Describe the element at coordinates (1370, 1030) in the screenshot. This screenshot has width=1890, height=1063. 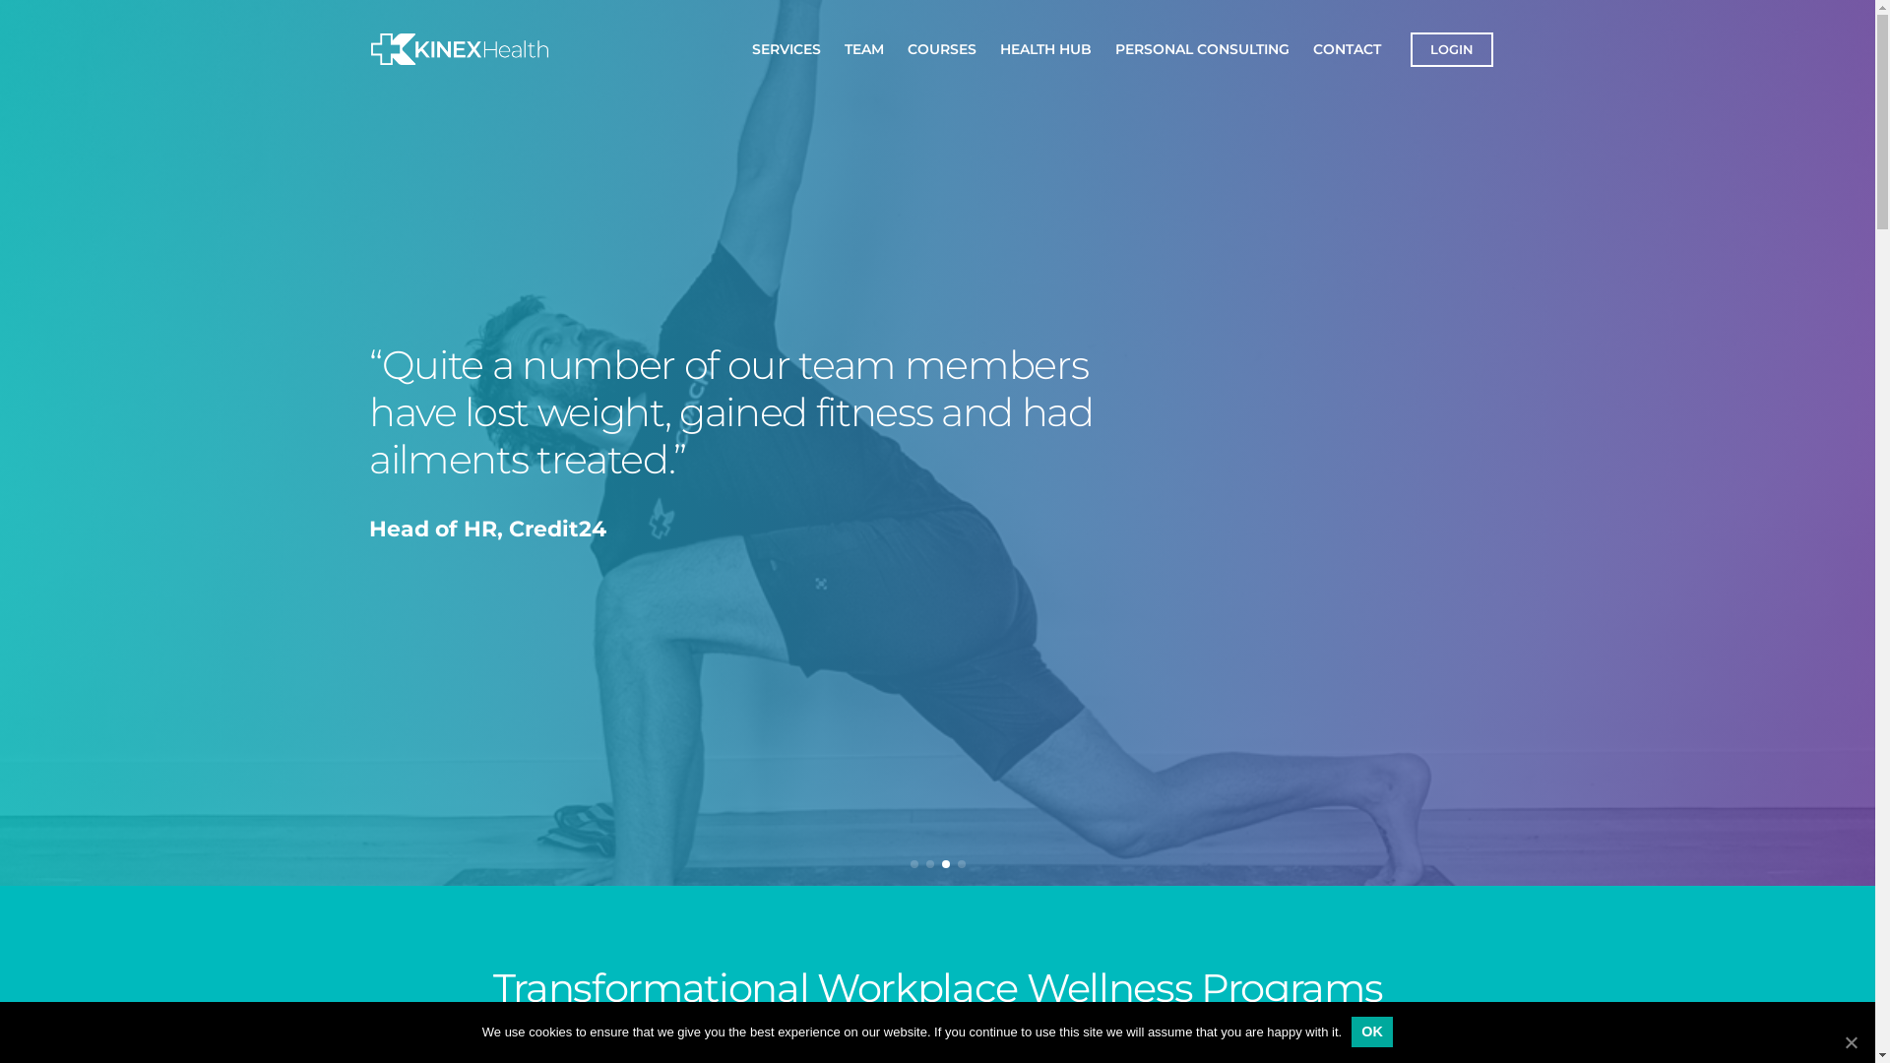
I see `'OK'` at that location.